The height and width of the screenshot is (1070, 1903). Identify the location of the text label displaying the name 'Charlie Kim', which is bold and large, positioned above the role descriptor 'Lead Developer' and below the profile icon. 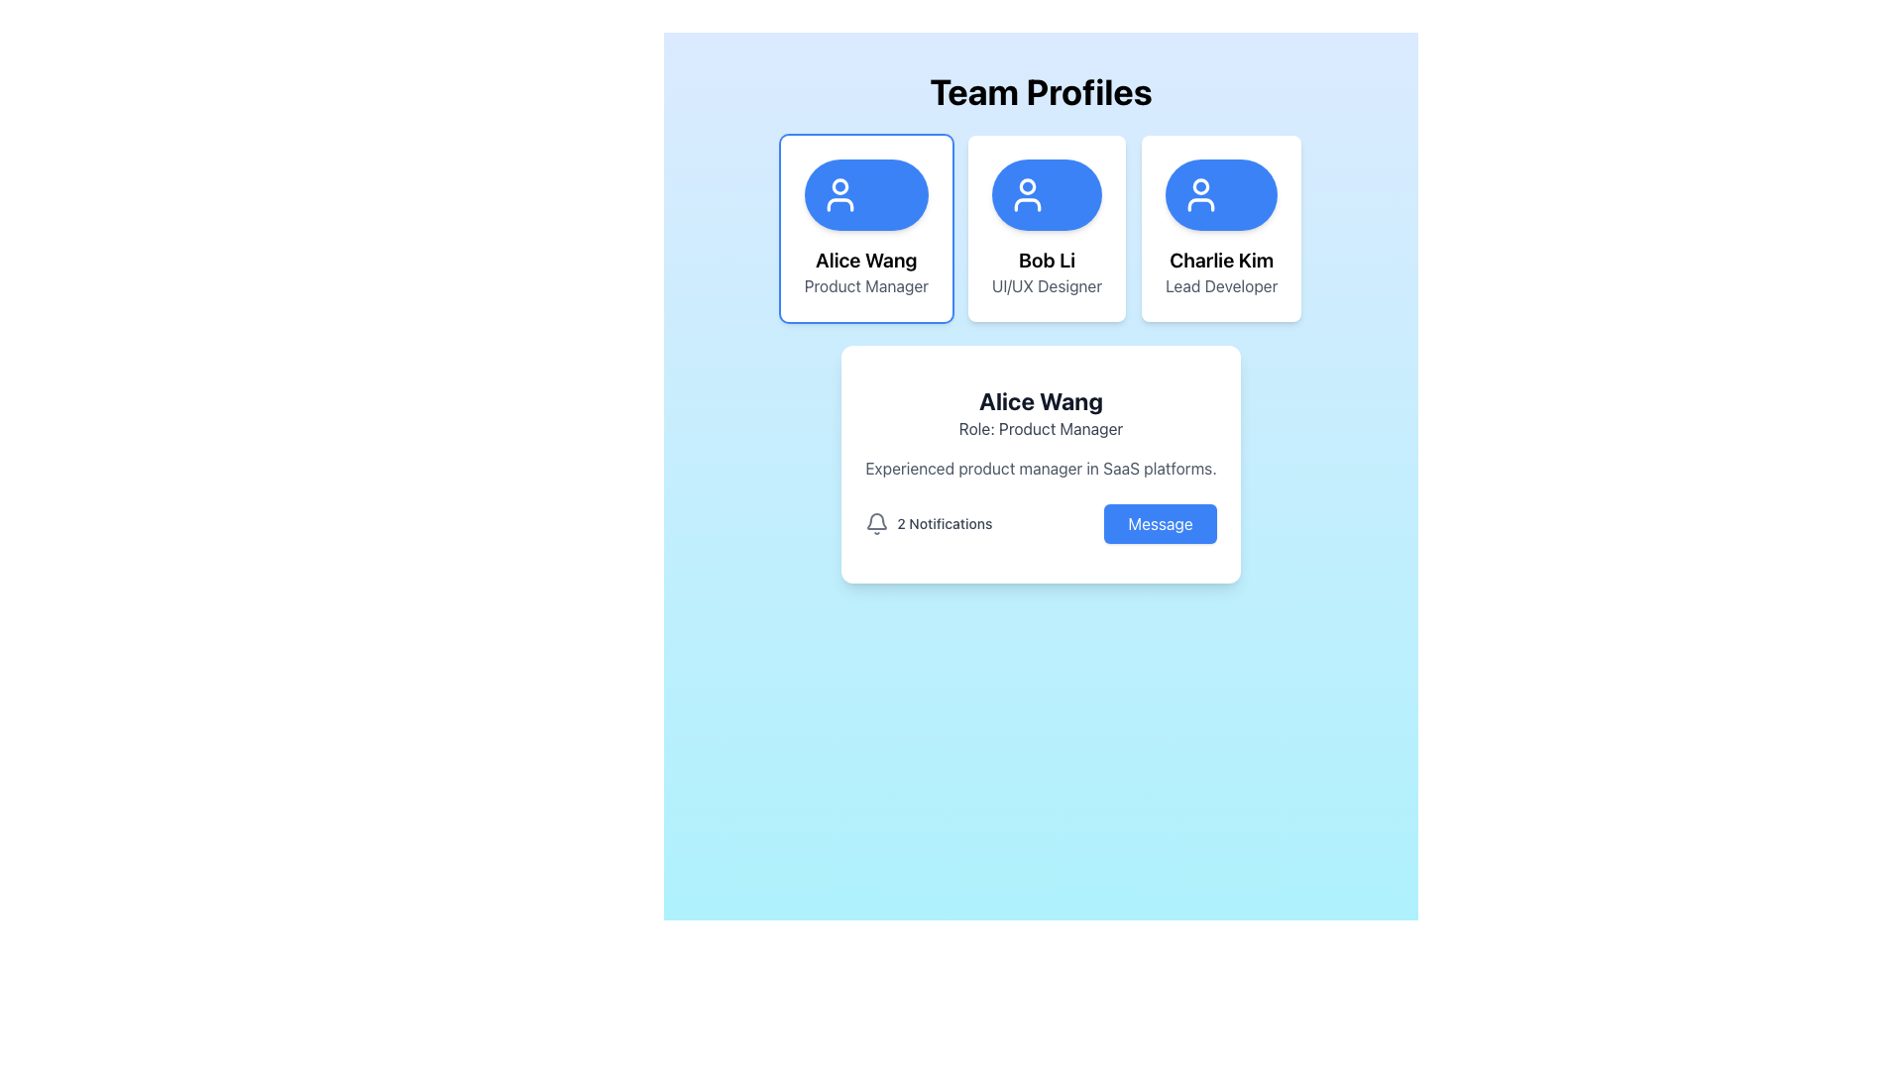
(1220, 259).